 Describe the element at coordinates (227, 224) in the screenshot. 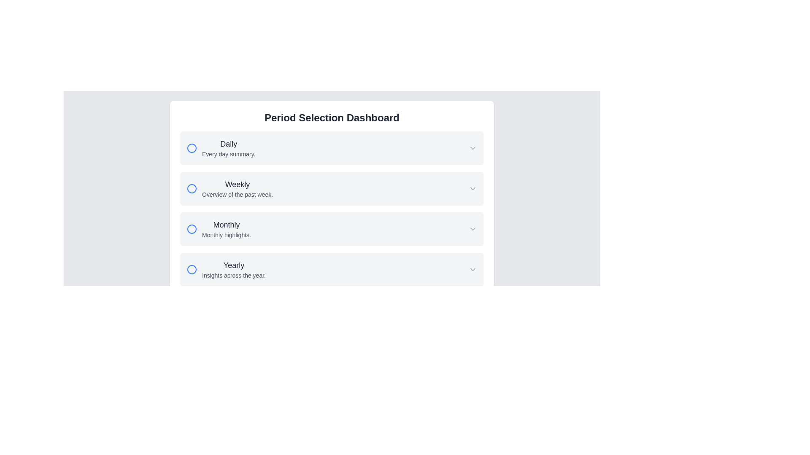

I see `the Text label for the third selectable option in the 'Period Selection Dashboard', positioned above 'Monthly highlights.'` at that location.